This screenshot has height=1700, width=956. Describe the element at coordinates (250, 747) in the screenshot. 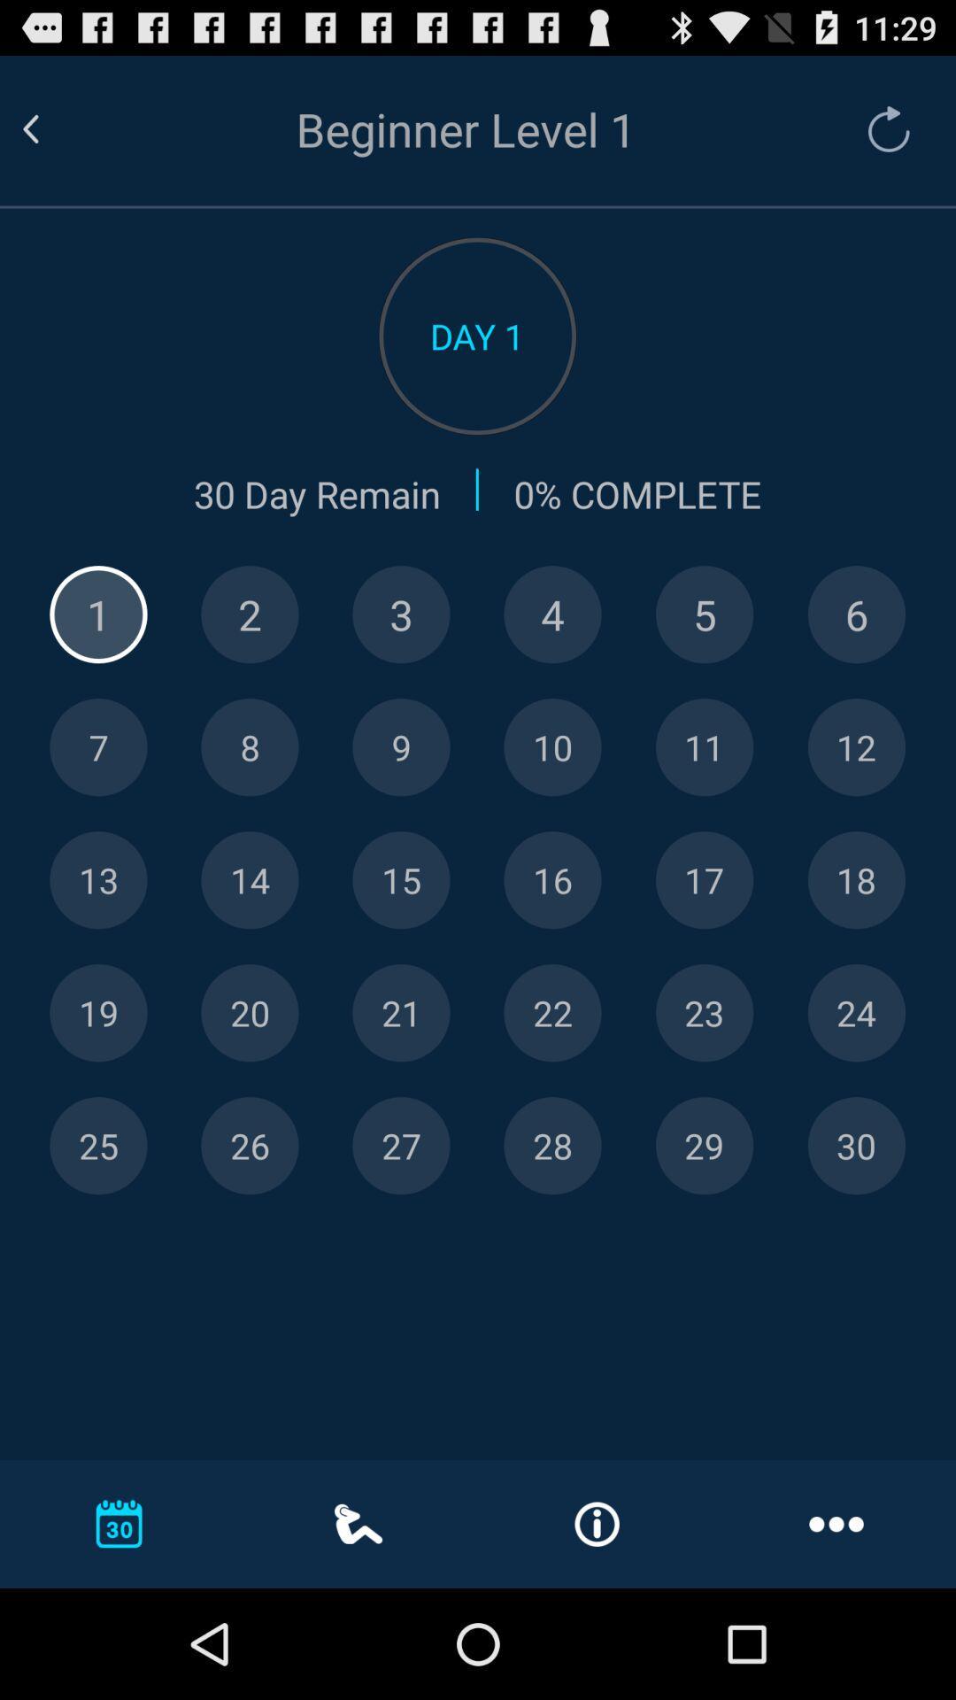

I see `specific day` at that location.